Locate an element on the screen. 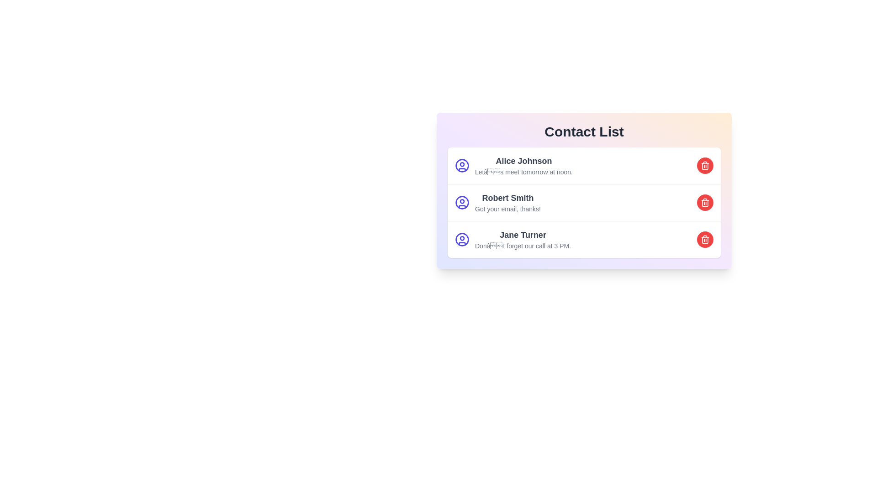 Image resolution: width=877 pixels, height=493 pixels. the user icon for the contact Alice Johnson is located at coordinates (462, 165).